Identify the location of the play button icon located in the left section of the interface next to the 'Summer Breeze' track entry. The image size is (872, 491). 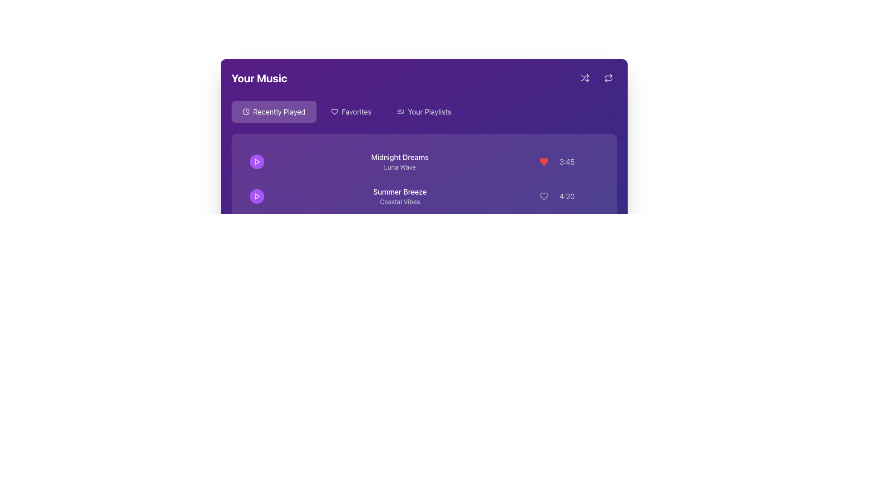
(256, 196).